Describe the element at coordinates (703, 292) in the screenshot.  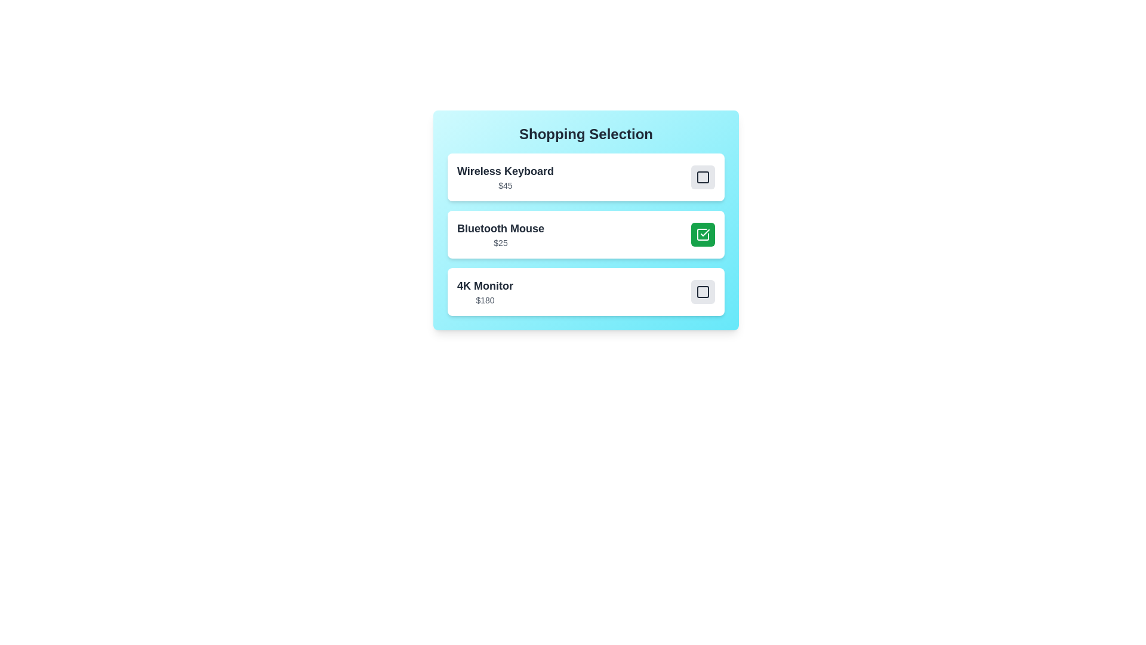
I see `the unselected checkbox for the '4K Monitor' entry in the bottom right corner of the associated box` at that location.